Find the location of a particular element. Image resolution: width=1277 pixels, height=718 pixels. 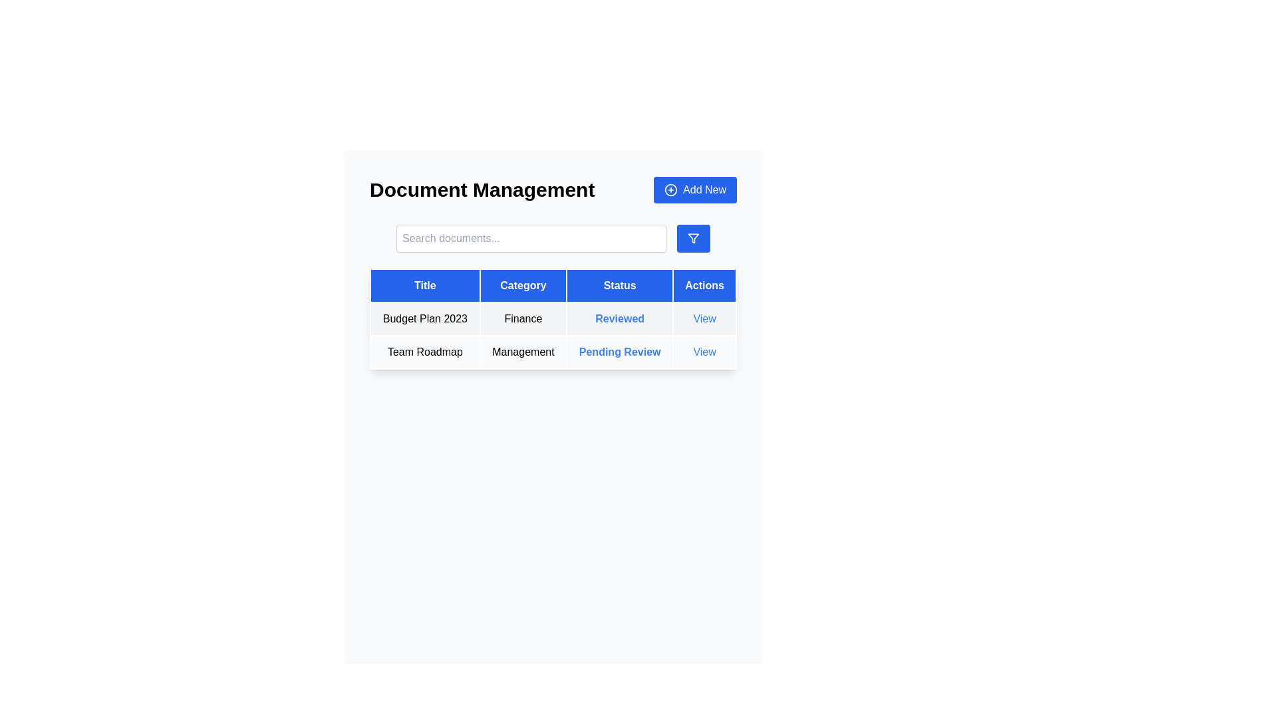

the filter icon is located at coordinates (692, 237).